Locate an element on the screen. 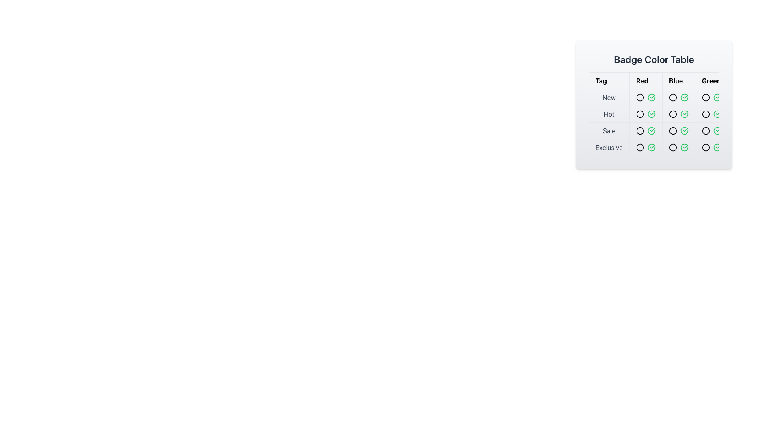  the circular icon representing the 'Sale' tag in the 'Red' category within the 'Badge Color Table' is located at coordinates (639, 130).